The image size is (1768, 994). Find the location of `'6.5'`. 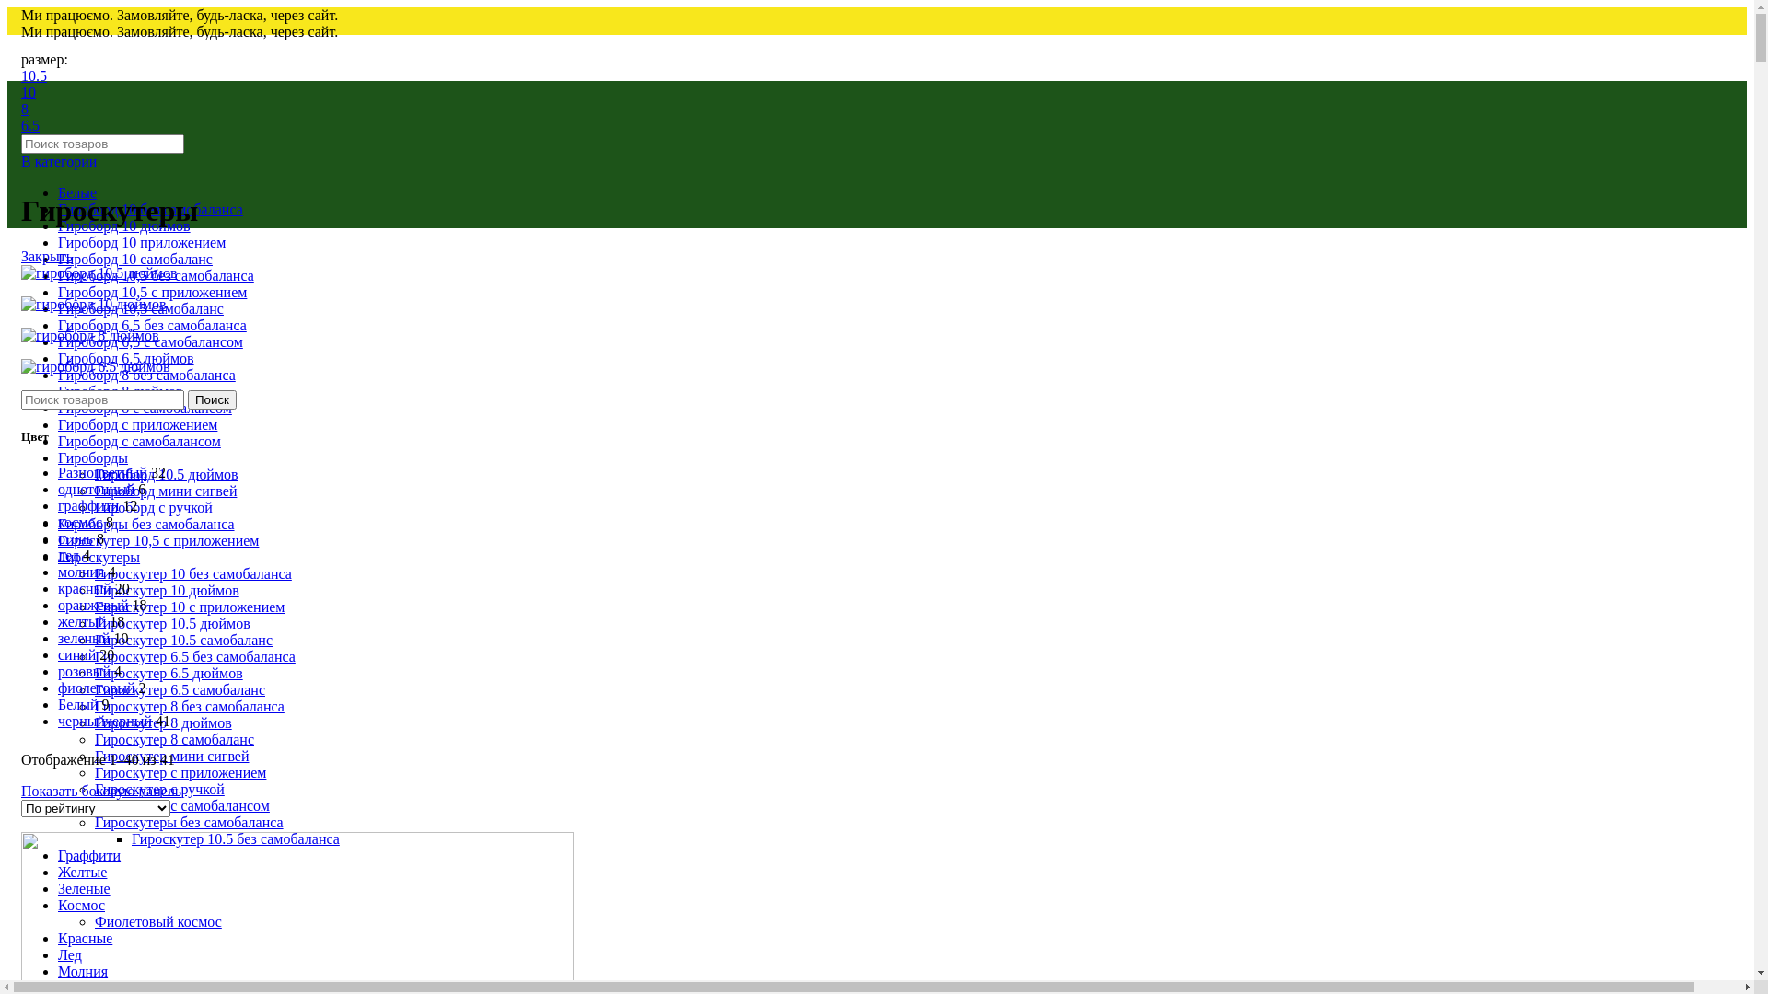

'6.5' is located at coordinates (30, 124).